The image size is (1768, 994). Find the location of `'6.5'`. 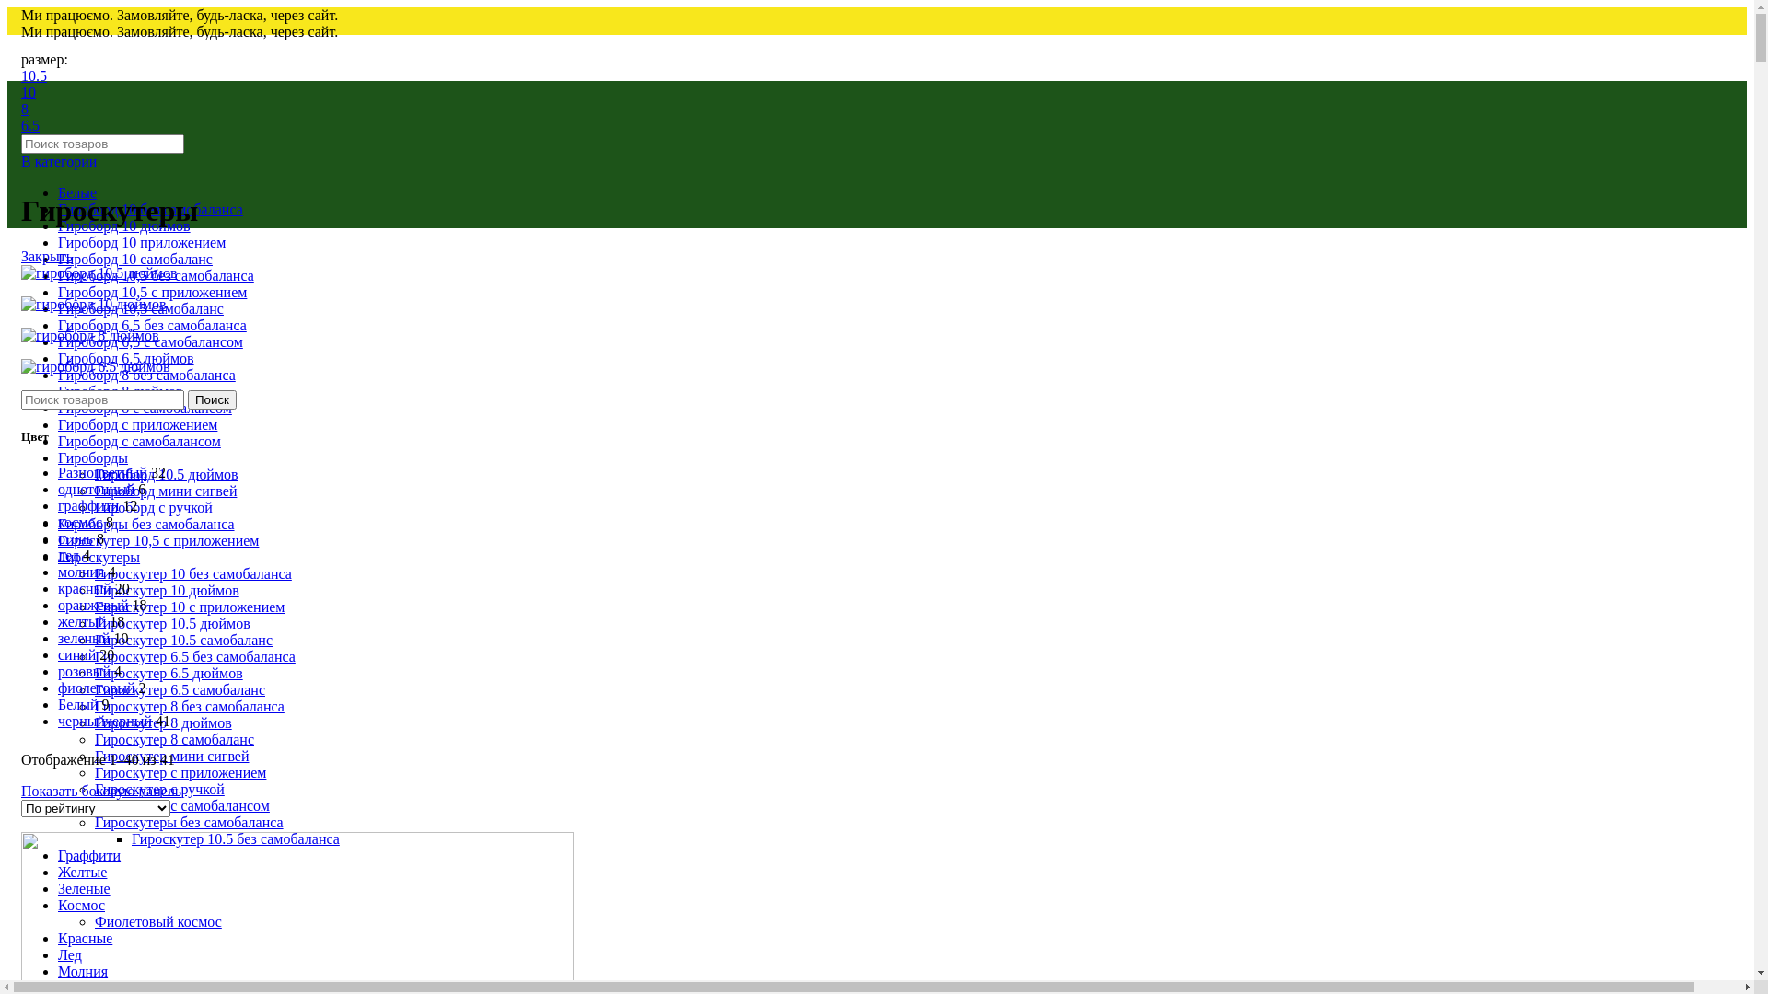

'6.5' is located at coordinates (30, 124).